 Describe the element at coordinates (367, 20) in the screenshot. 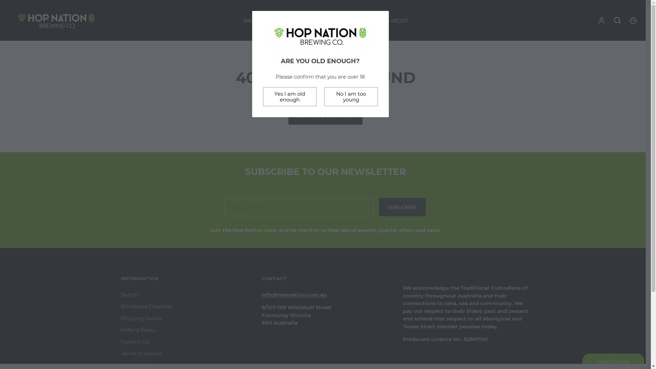

I see `'HOP CITIZENS'` at that location.